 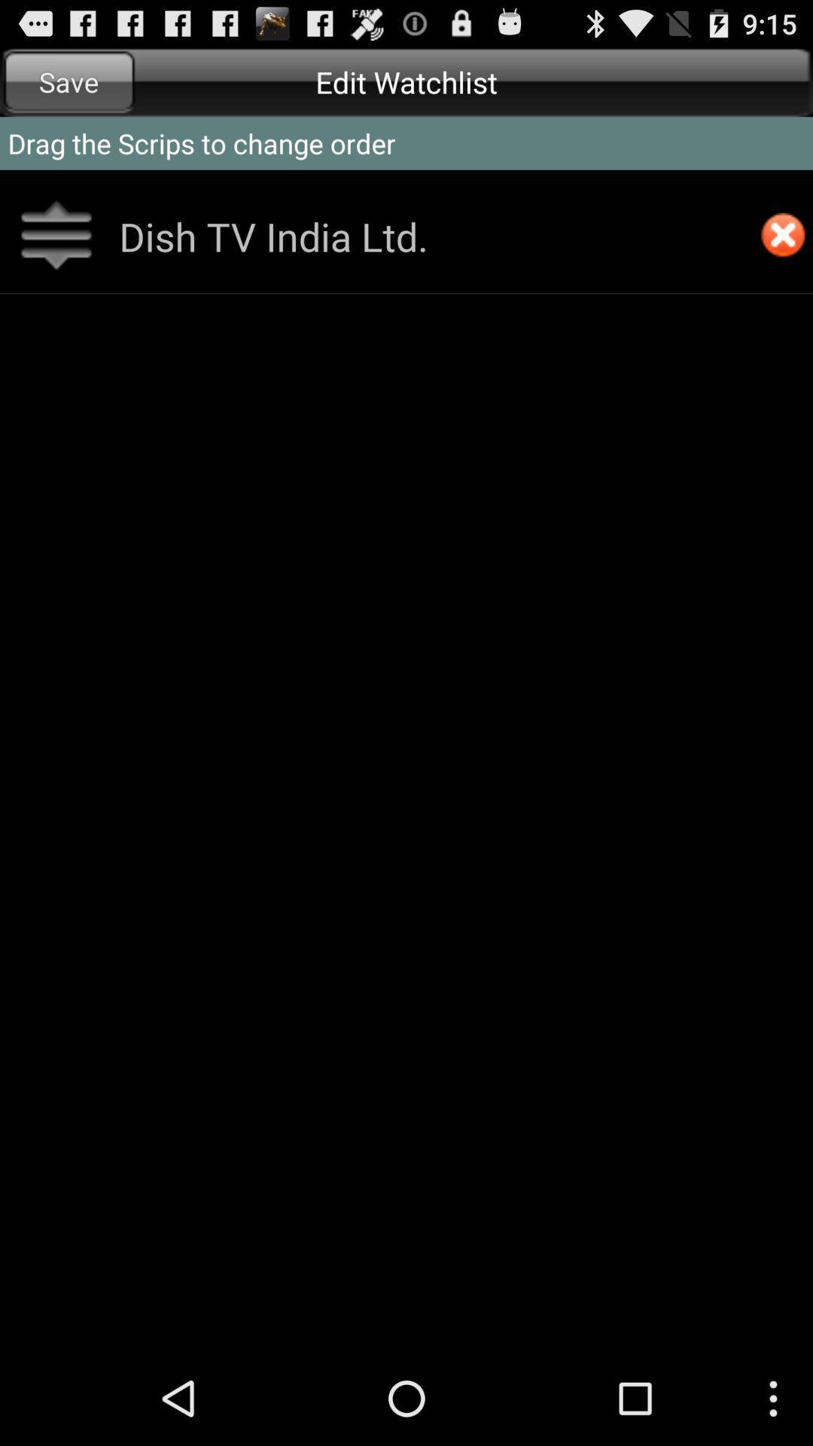 What do you see at coordinates (69, 81) in the screenshot?
I see `icon above drag the scrips item` at bounding box center [69, 81].